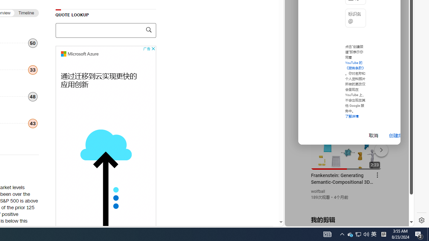 The width and height of the screenshot is (429, 241). What do you see at coordinates (318, 191) in the screenshot?
I see `'wolfball'` at bounding box center [318, 191].